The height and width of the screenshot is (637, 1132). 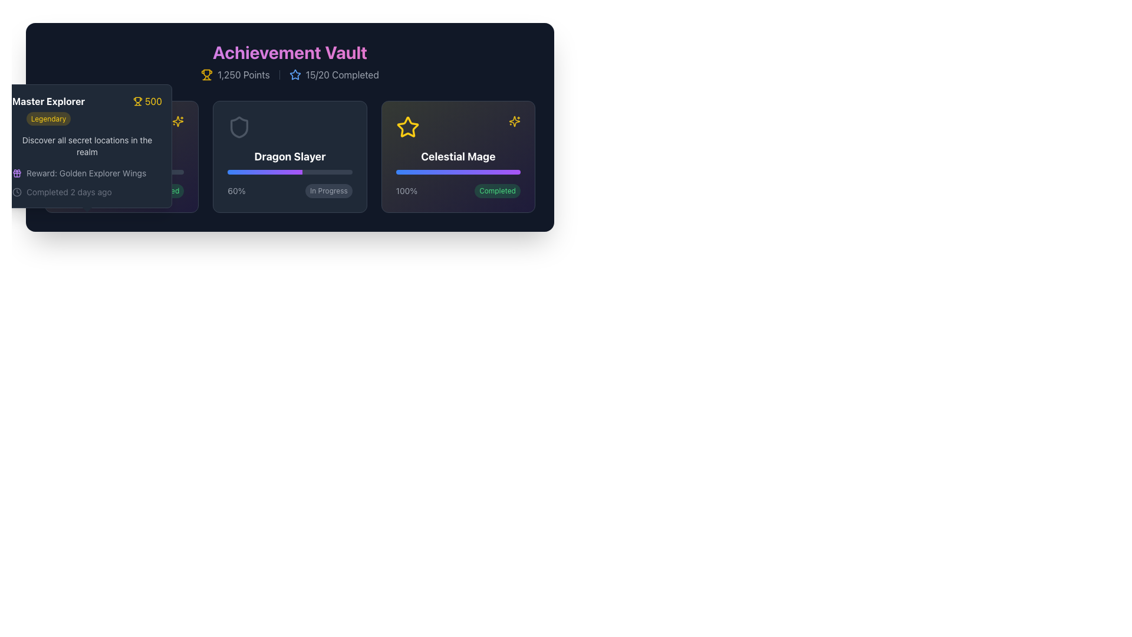 I want to click on the completion level indicated by the horizontal progress bar styled within a gray background, located below the 'Master Explorer' title and above the '85% Completed' text in the Achievement Vault section, so click(x=121, y=172).